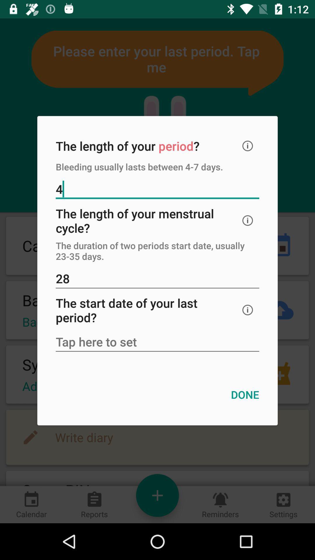  What do you see at coordinates (157, 342) in the screenshot?
I see `setup/choose start date` at bounding box center [157, 342].